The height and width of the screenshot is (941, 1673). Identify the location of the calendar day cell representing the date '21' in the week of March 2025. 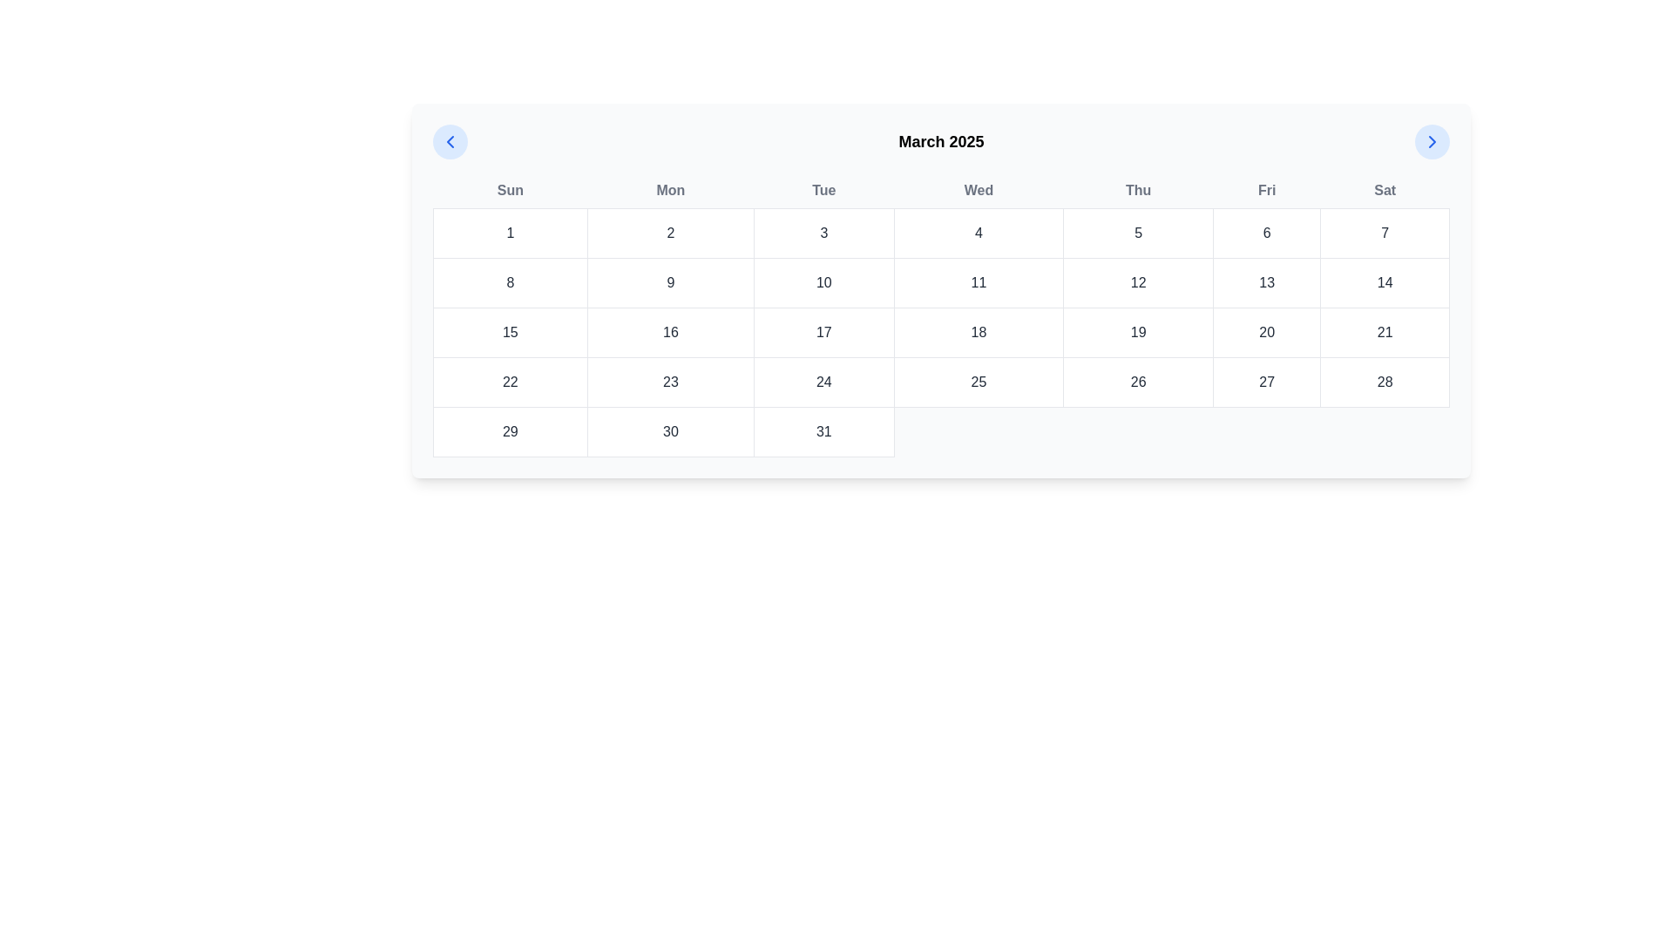
(1384, 332).